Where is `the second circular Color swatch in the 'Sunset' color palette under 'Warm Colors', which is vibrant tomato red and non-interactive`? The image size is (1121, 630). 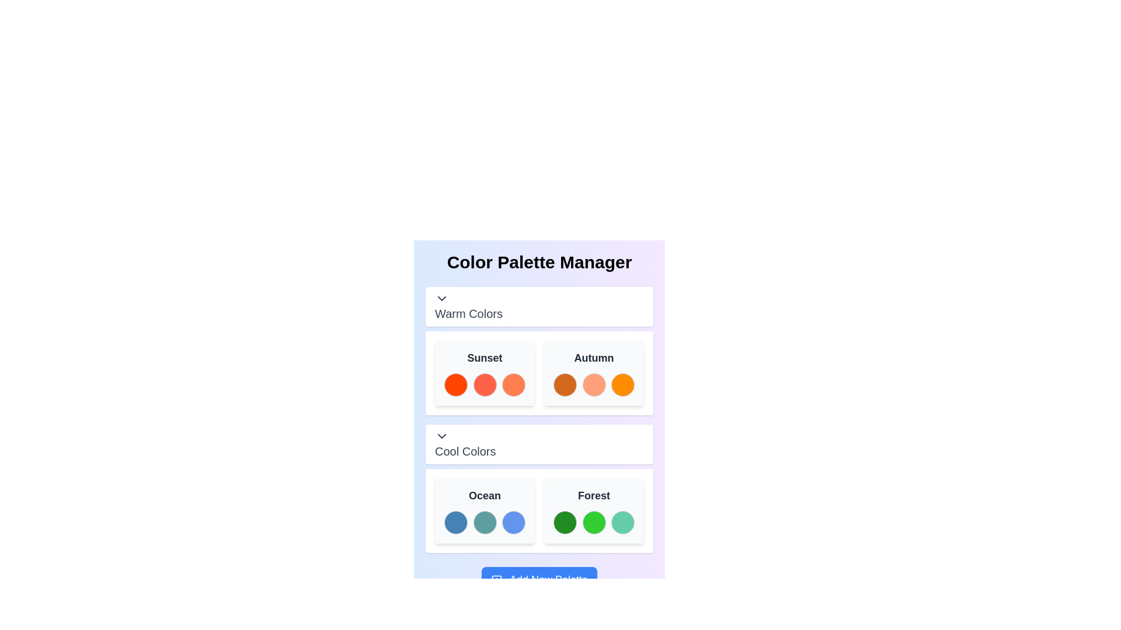 the second circular Color swatch in the 'Sunset' color palette under 'Warm Colors', which is vibrant tomato red and non-interactive is located at coordinates (485, 384).